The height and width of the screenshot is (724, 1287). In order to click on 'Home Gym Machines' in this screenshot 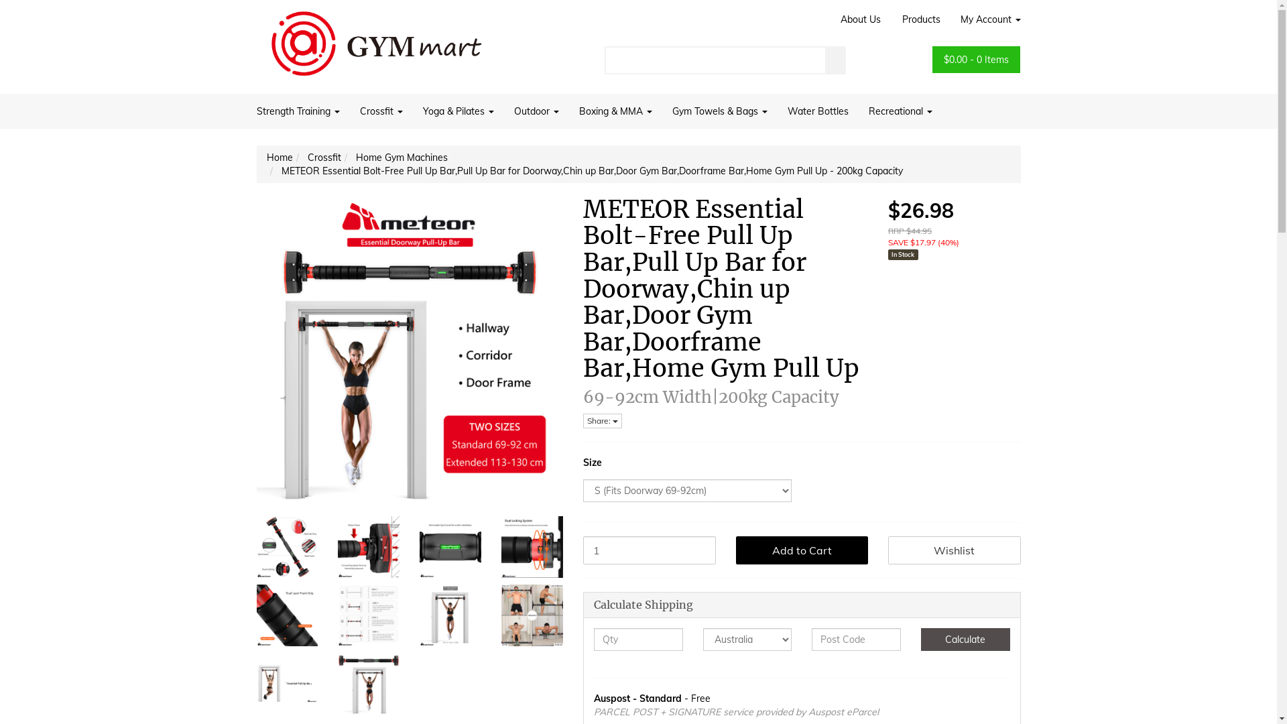, I will do `click(400, 157)`.